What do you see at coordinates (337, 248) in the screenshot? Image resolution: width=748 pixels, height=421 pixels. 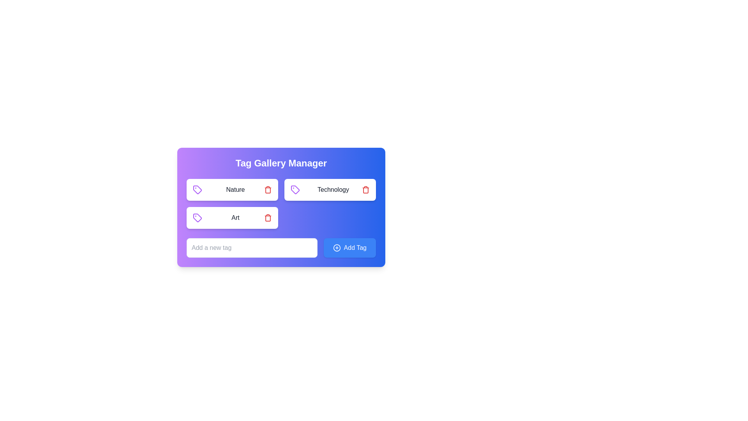 I see `the circular outline of the 'Add' icon, which visually supports the '+' sign, to execute the corresponding action` at bounding box center [337, 248].